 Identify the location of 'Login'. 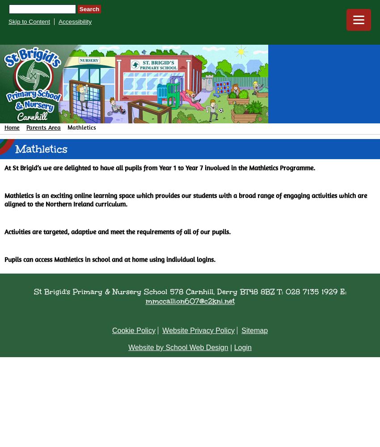
(242, 347).